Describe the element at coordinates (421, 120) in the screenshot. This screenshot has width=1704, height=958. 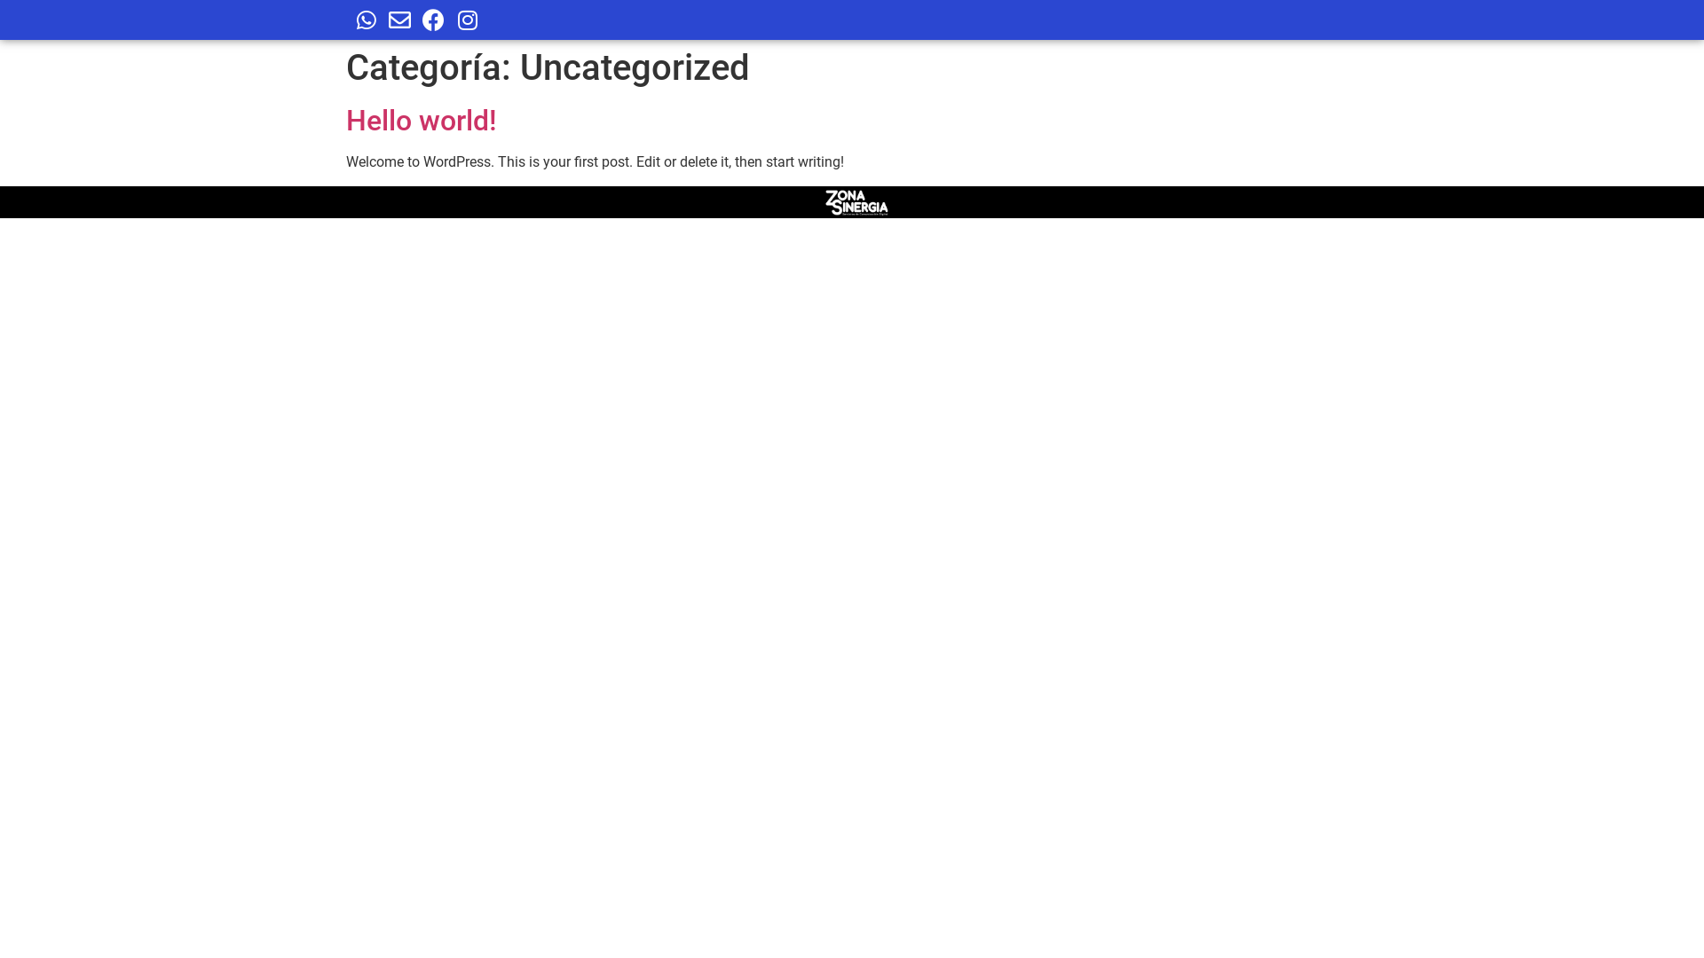
I see `'Hello world!'` at that location.